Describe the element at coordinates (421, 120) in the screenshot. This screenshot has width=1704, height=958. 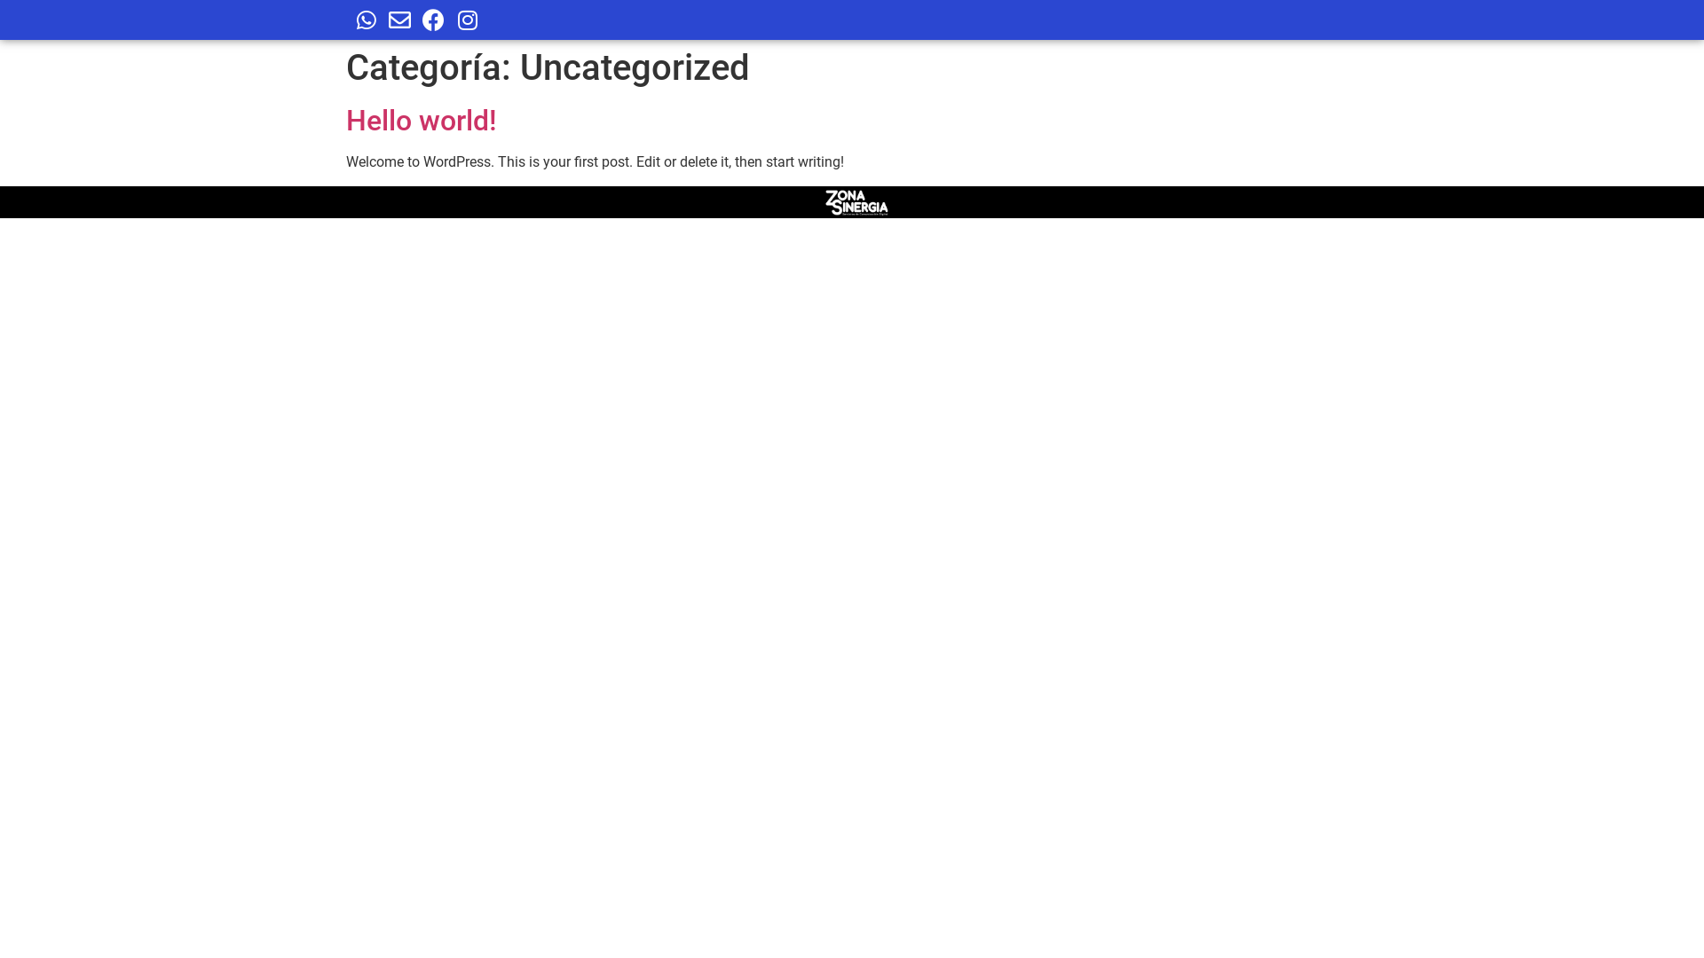
I see `'Hello world!'` at that location.